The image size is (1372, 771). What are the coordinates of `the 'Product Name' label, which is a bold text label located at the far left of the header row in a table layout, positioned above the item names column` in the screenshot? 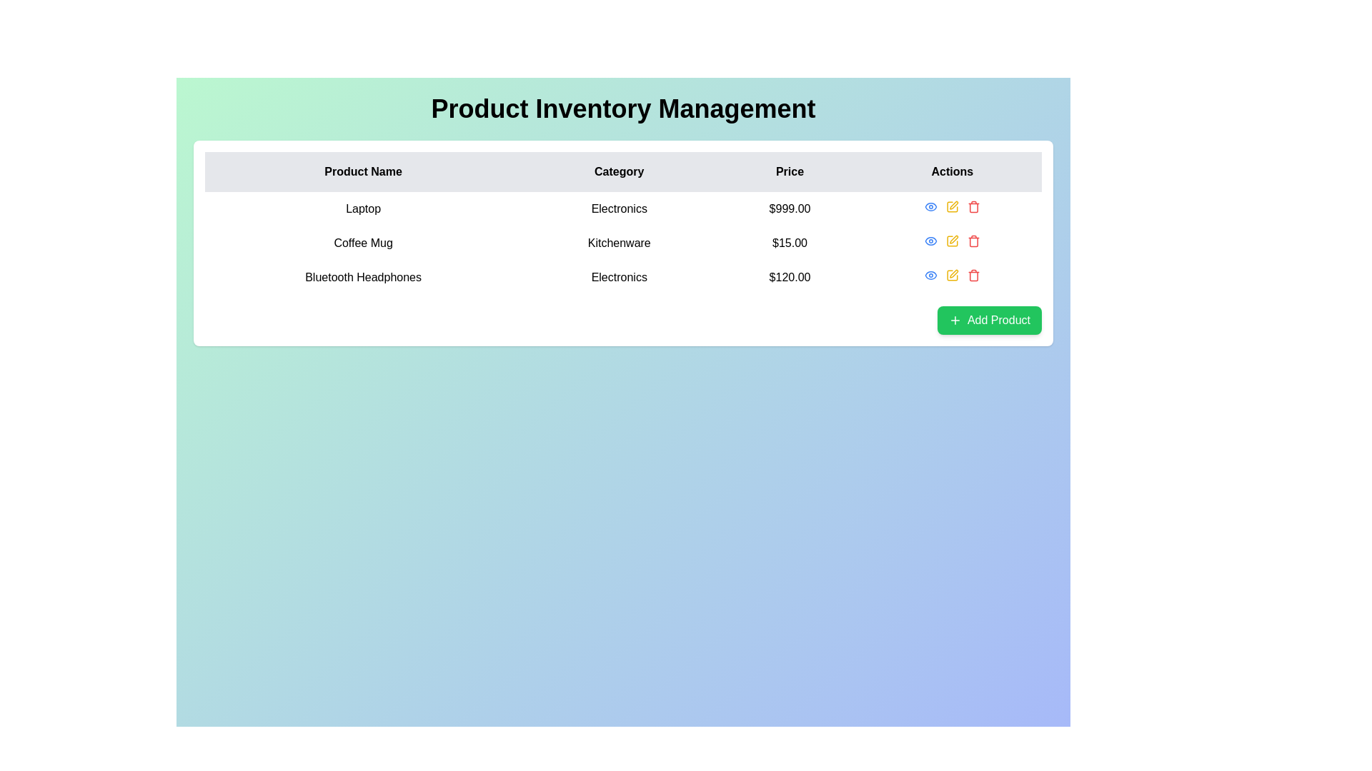 It's located at (363, 171).